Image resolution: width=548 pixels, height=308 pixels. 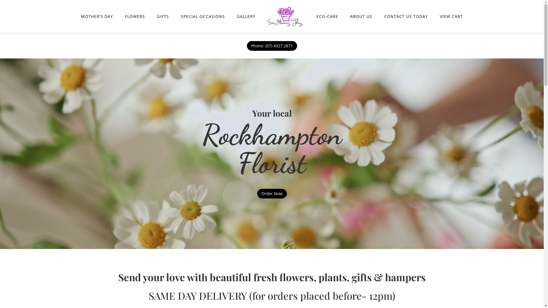 What do you see at coordinates (327, 16) in the screenshot?
I see `'ECO-CARE'` at bounding box center [327, 16].